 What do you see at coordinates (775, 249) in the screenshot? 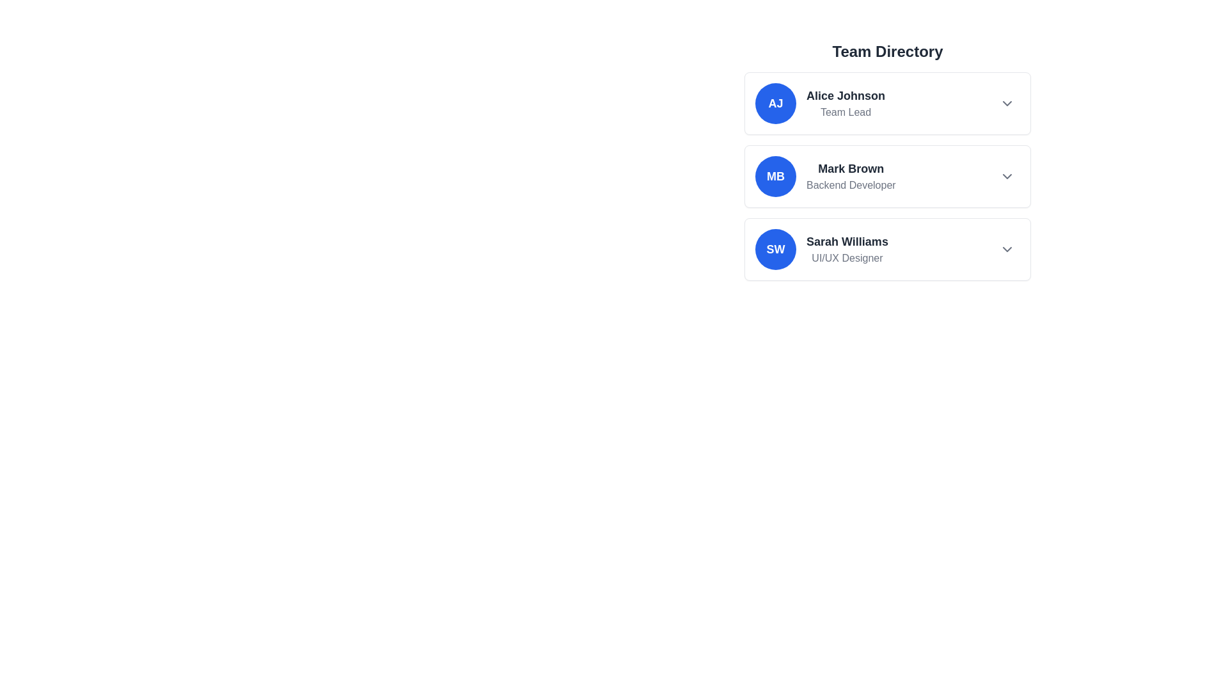
I see `the Avatar Badge representing the user 'Sarah Williams', which is the leftmost item in the row labeled 'Sarah Williams, UI/UX Designer'` at bounding box center [775, 249].